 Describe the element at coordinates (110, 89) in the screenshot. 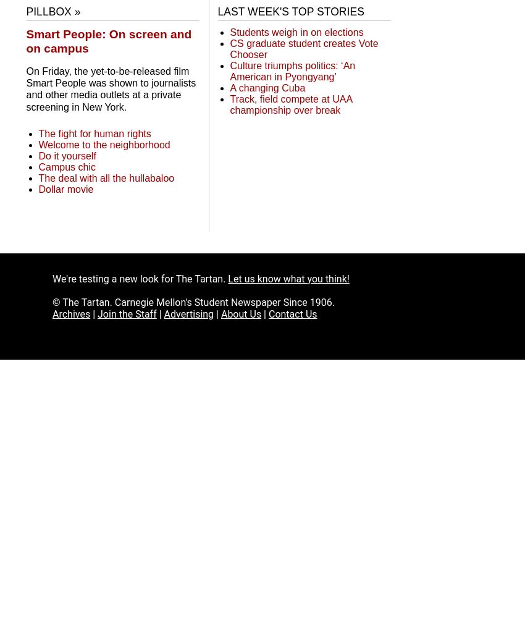

I see `'On Friday, the yet-to-be-released film Smart People was shown to journalists and other media outlets at a private screening in New York.'` at that location.